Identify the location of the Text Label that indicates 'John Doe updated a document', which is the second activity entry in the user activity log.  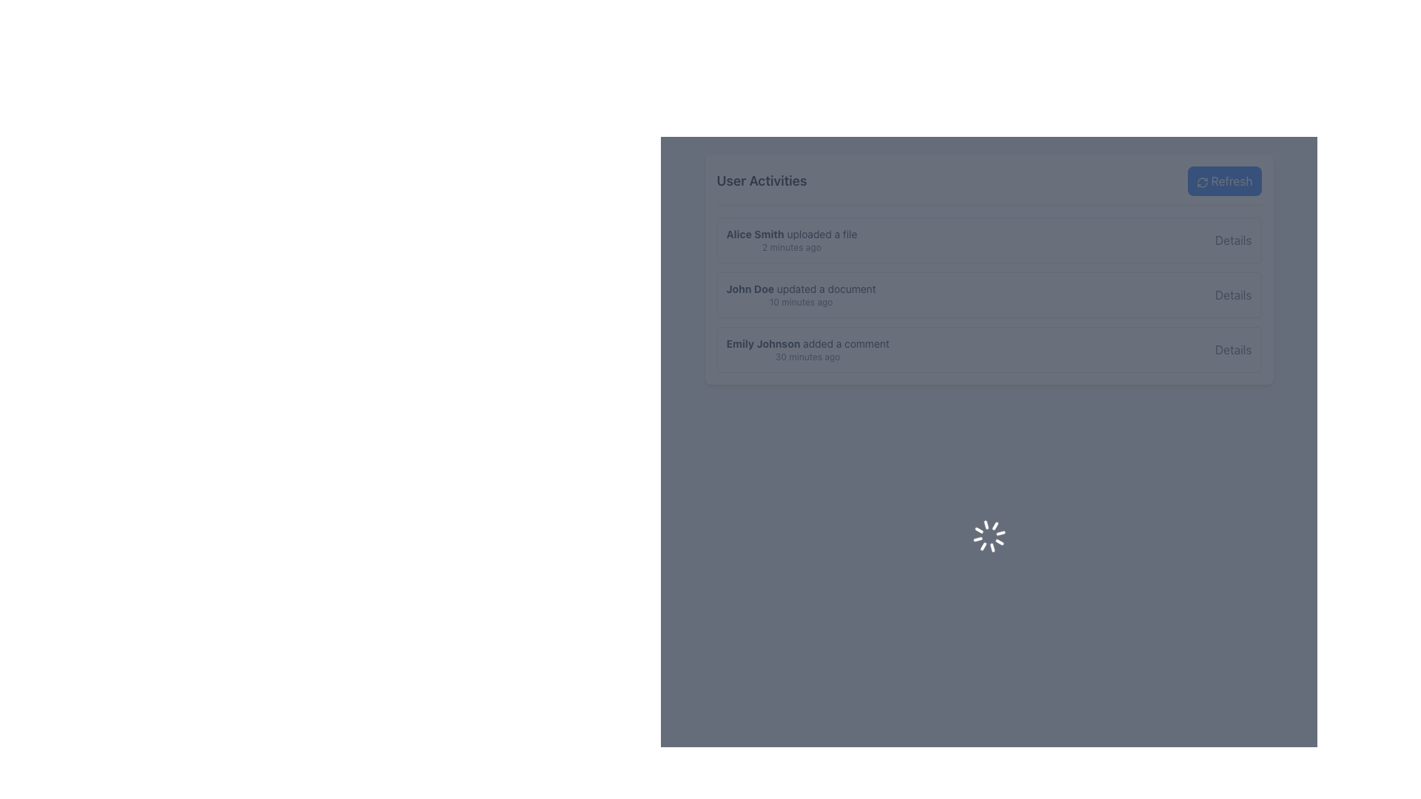
(800, 289).